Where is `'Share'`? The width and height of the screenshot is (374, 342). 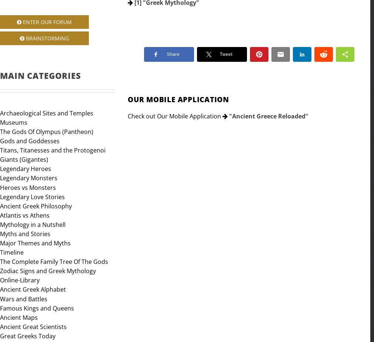
'Share' is located at coordinates (173, 54).